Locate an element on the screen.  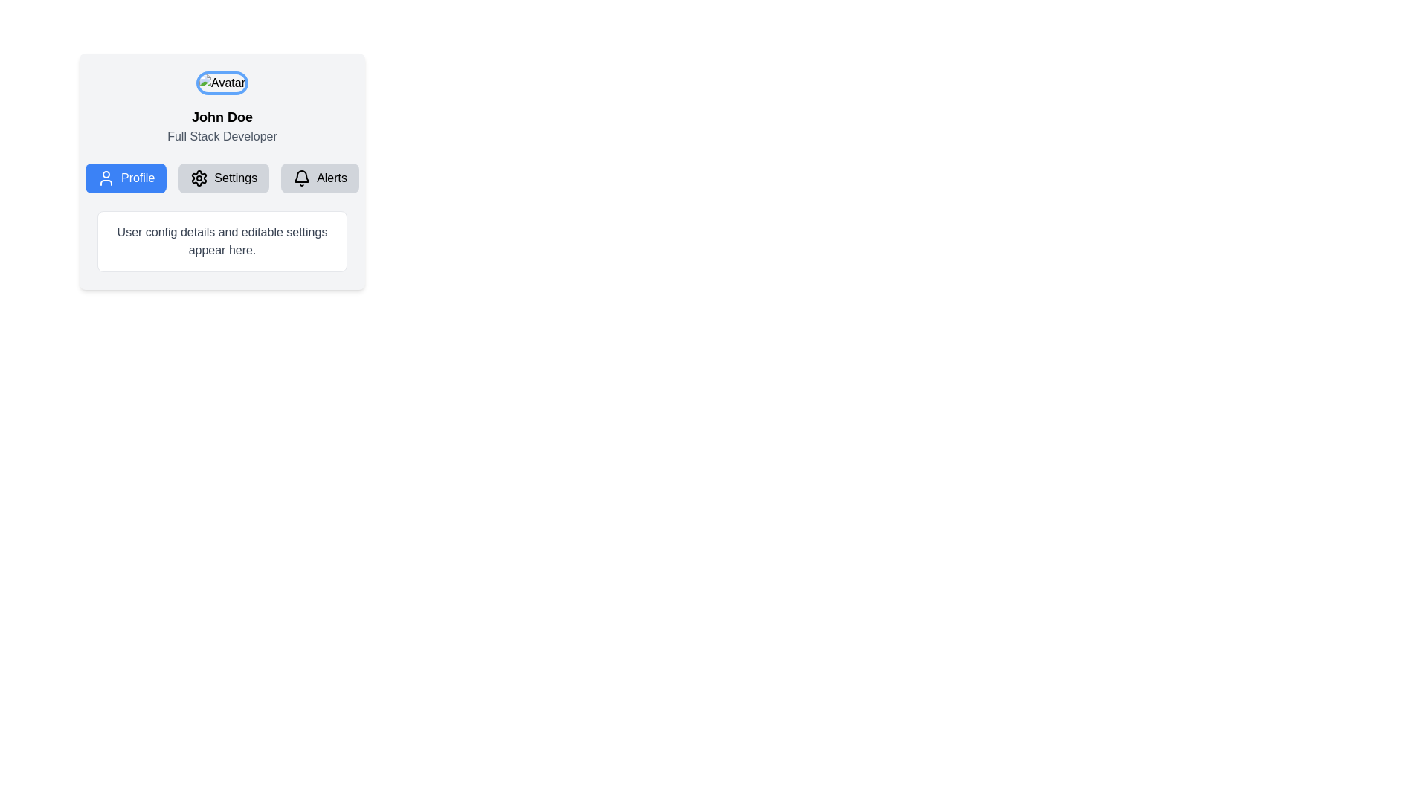
the static informational text box that displays 'User config details and editable settings appear here.' with a white background and rounded corners, located below the buttons 'Profile', 'Settings', 'Alerts' is located at coordinates (221, 240).